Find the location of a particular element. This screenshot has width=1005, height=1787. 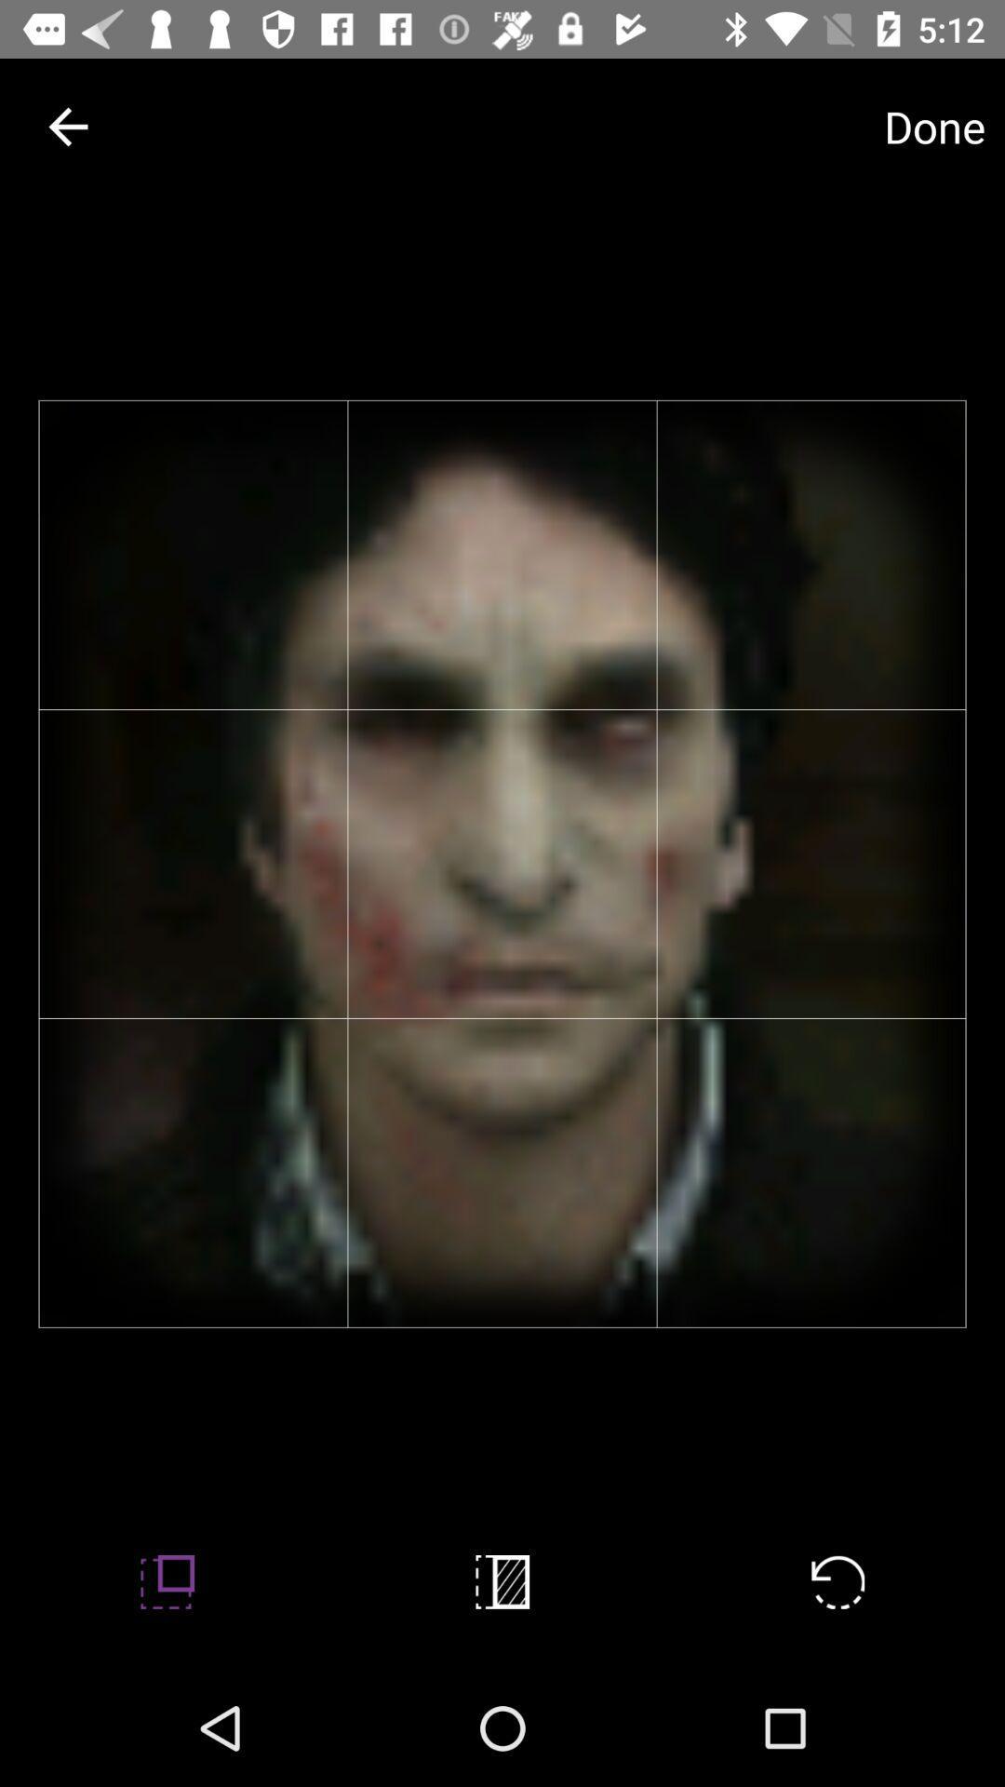

crop image is located at coordinates (502, 1580).